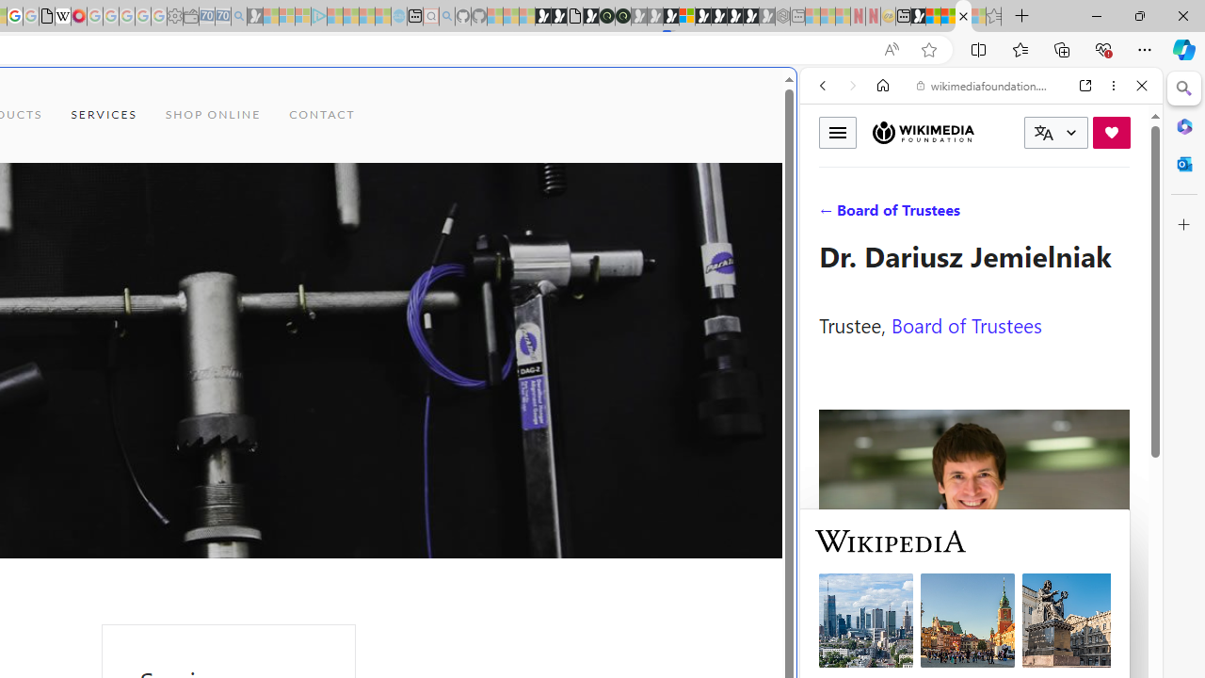  I want to click on 'CURRENT LANGUAGE:', so click(1055, 132).